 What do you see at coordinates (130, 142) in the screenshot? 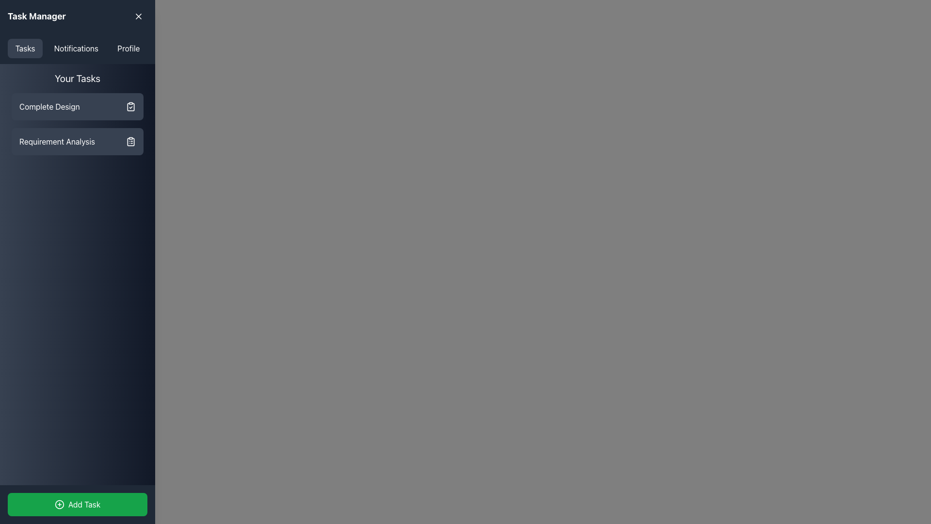
I see `the clipboard icon located in the 'Your Tasks' section of the 'Task Manager' interface` at bounding box center [130, 142].